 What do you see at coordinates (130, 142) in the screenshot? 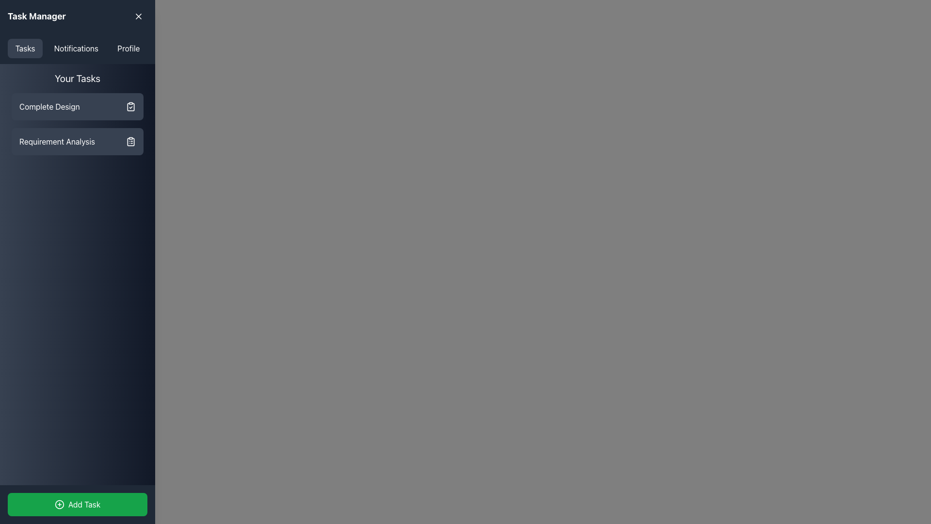
I see `the clipboard icon located in the 'Your Tasks' section of the 'Task Manager' interface` at bounding box center [130, 142].